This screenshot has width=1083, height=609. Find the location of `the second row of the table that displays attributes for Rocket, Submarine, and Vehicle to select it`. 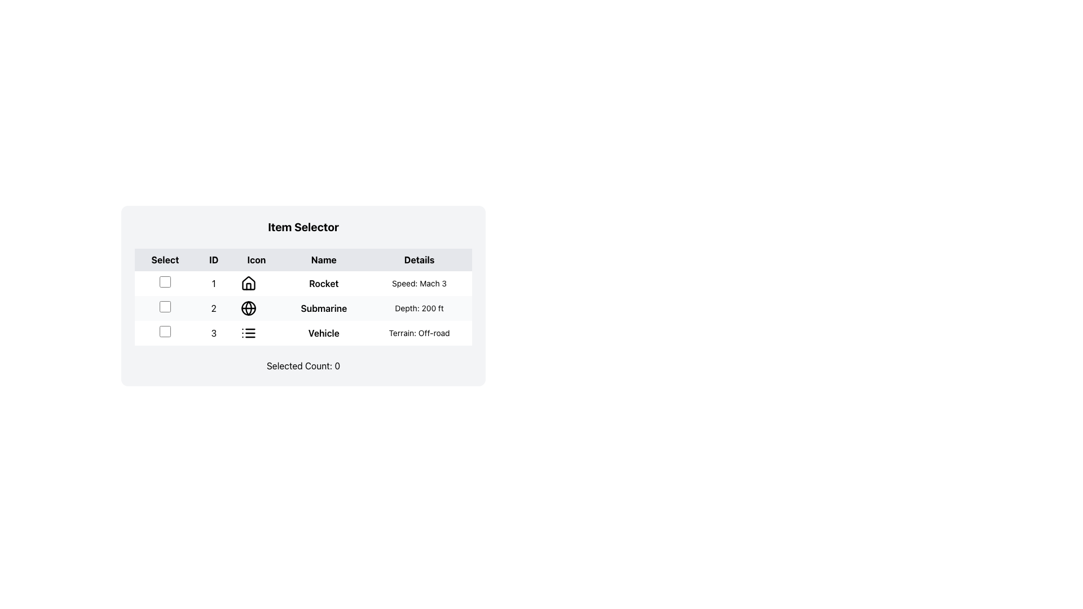

the second row of the table that displays attributes for Rocket, Submarine, and Vehicle to select it is located at coordinates (303, 308).